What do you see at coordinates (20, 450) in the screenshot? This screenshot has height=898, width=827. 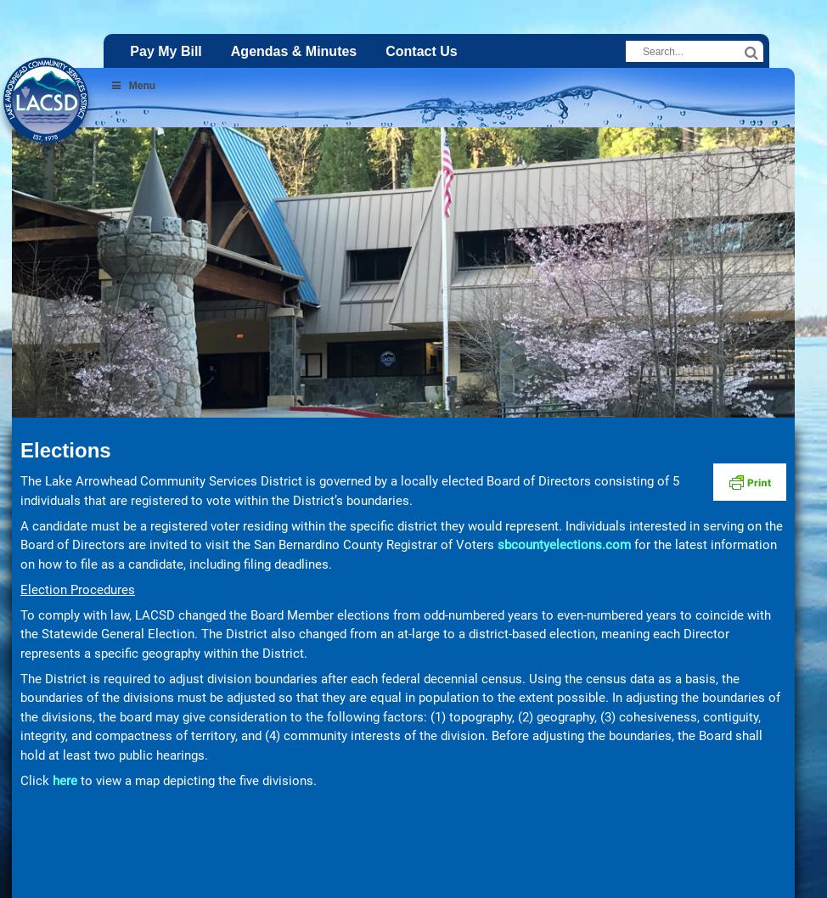 I see `'Elections'` at bounding box center [20, 450].